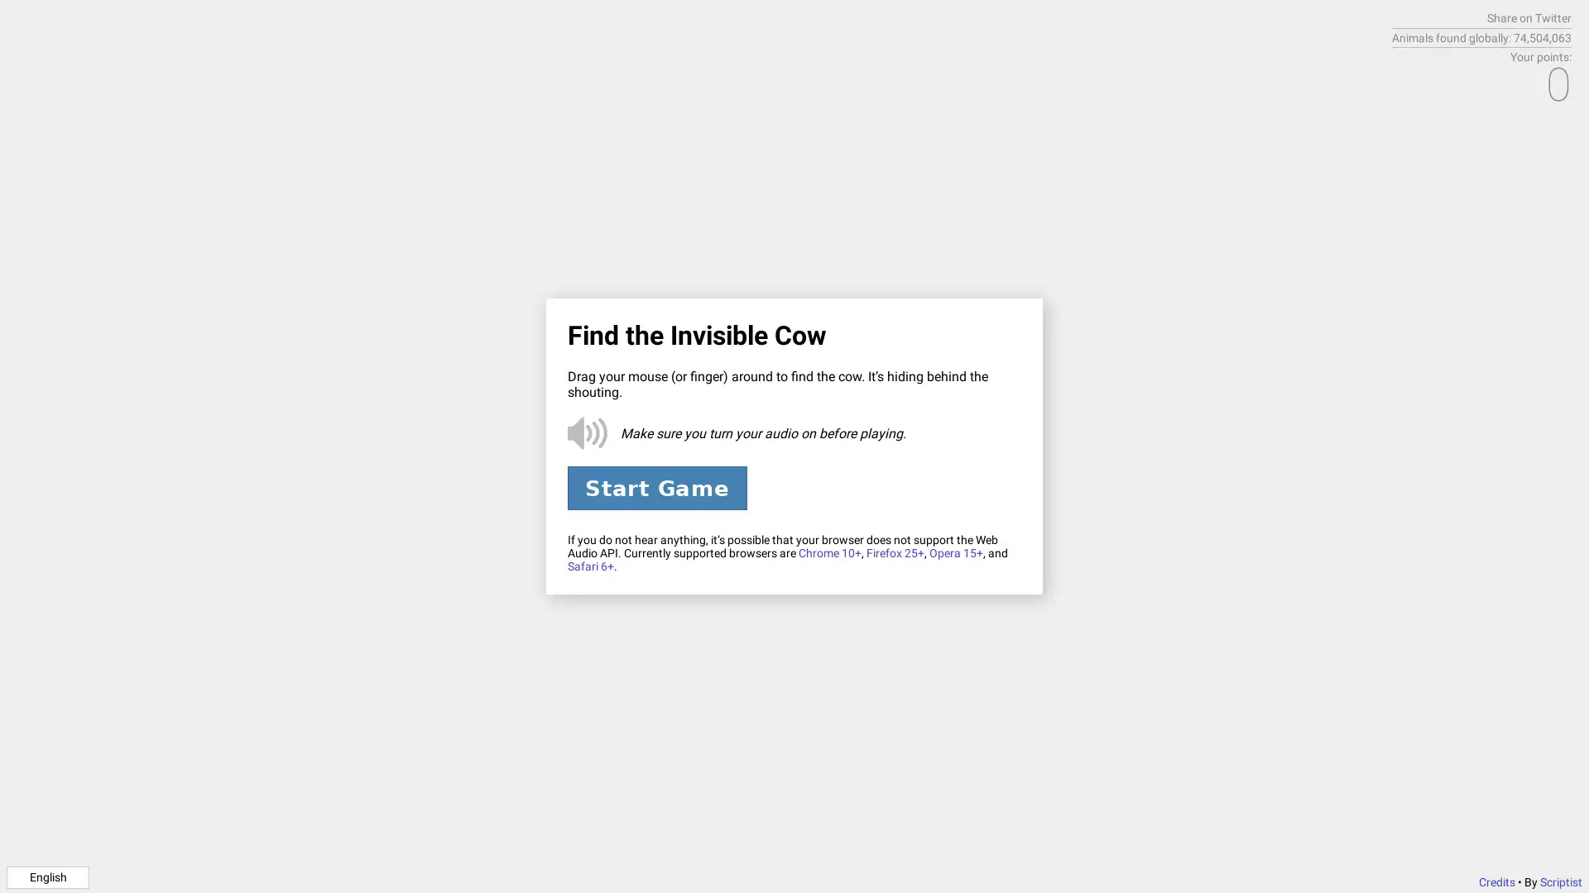 The height and width of the screenshot is (893, 1589). I want to click on Start Game, so click(655, 487).